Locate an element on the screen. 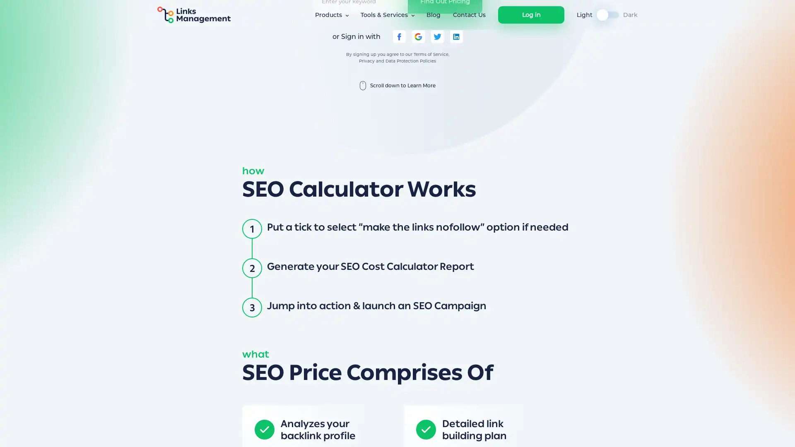 Image resolution: width=795 pixels, height=447 pixels. Got It! is located at coordinates (560, 432).